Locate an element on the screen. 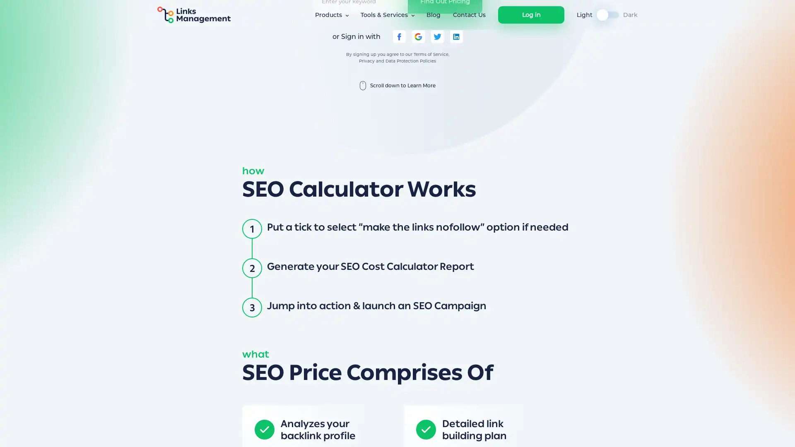 Image resolution: width=795 pixels, height=447 pixels. Got It! is located at coordinates (560, 432).